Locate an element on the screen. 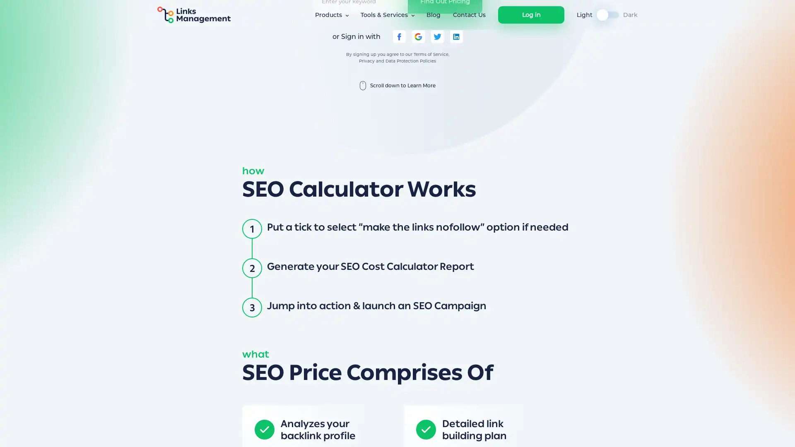 Image resolution: width=795 pixels, height=447 pixels. Got It! is located at coordinates (560, 432).